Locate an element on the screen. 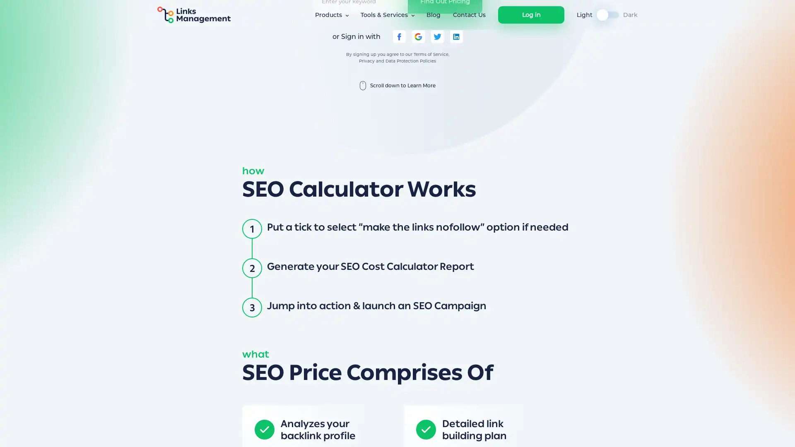 Image resolution: width=795 pixels, height=447 pixels. Got It! is located at coordinates (560, 432).